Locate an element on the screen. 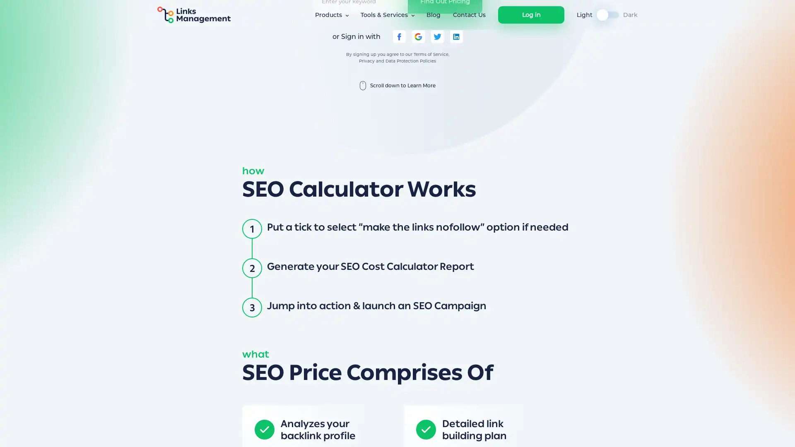 Image resolution: width=795 pixels, height=447 pixels. Got It! is located at coordinates (560, 432).